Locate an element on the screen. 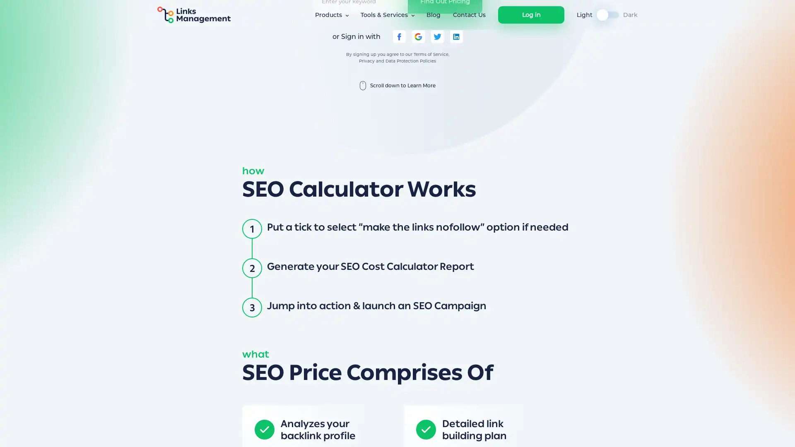 Image resolution: width=795 pixels, height=447 pixels. Got It! is located at coordinates (560, 432).